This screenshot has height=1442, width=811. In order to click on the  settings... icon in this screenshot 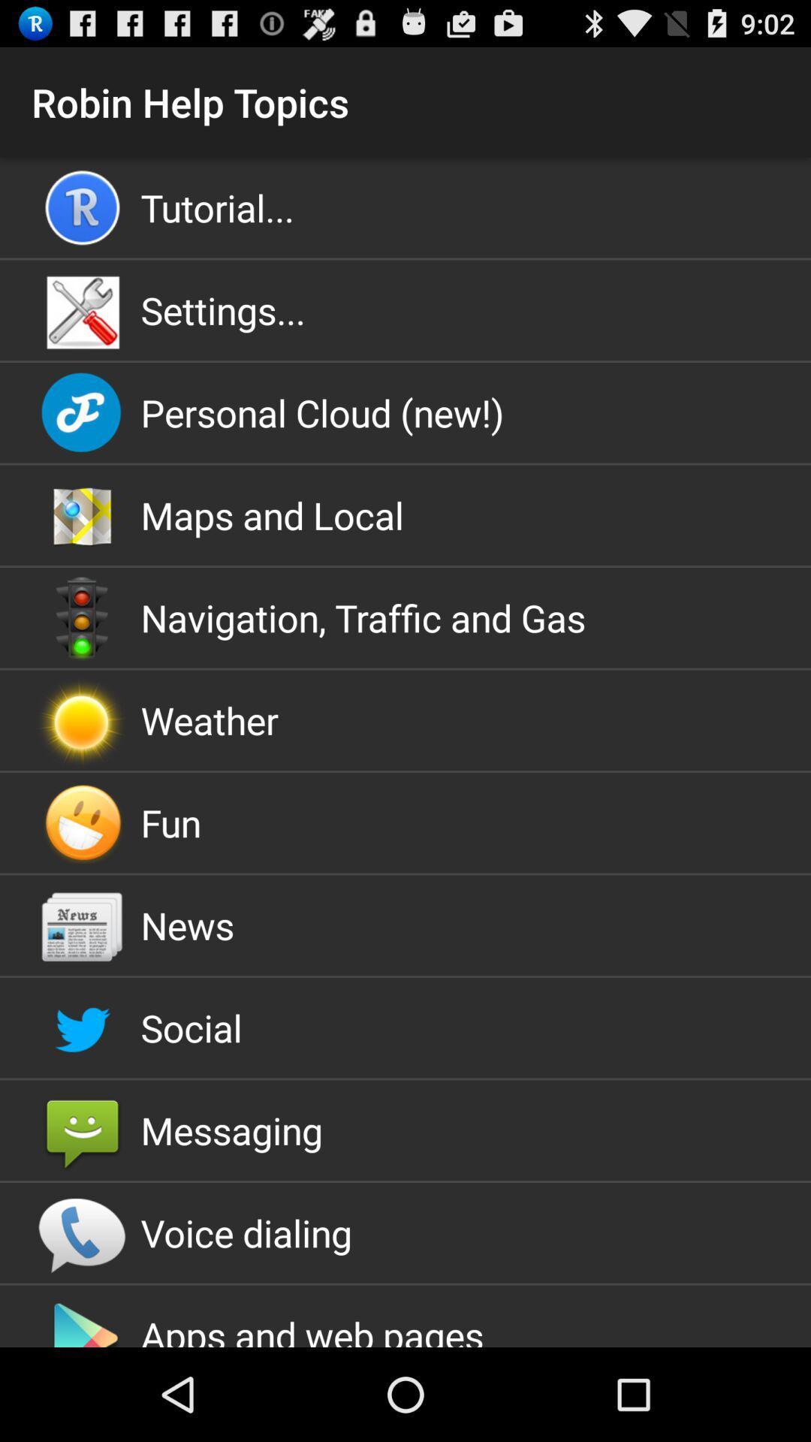, I will do `click(405, 309)`.